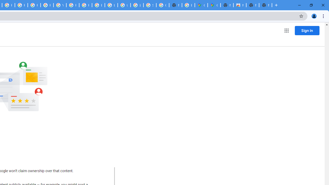  Describe the element at coordinates (21, 5) in the screenshot. I see `'Privacy Help Center - Policies Help'` at that location.